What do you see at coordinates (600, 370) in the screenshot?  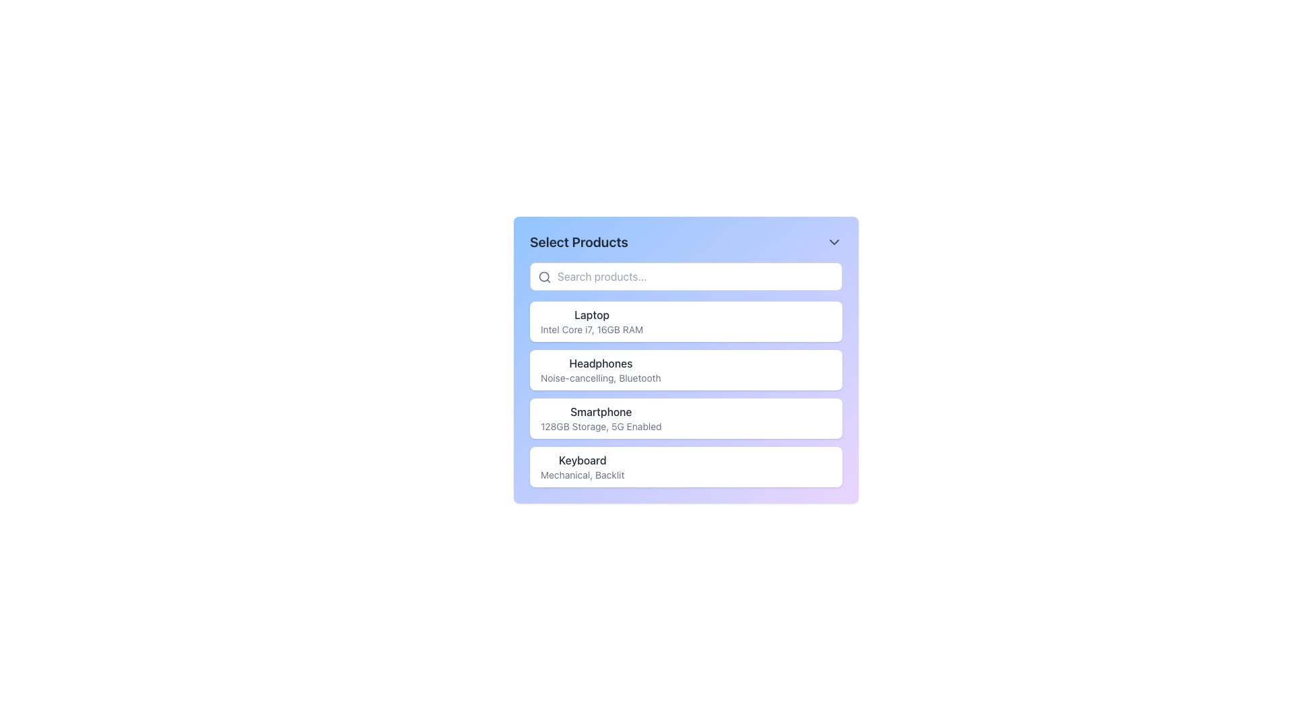 I see `the text-based item titled 'Headphones' in the selection list` at bounding box center [600, 370].